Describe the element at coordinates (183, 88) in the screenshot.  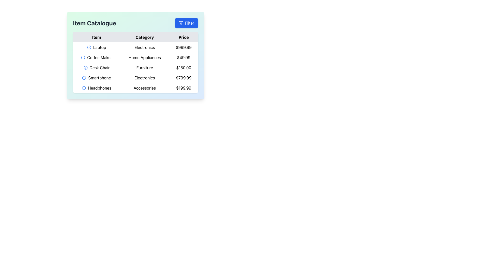
I see `the pricing value displayed as '$199.99' in black text on a white background, located in the rightmost column of the product listing table under the 'Price' column for 'Headphones'` at that location.